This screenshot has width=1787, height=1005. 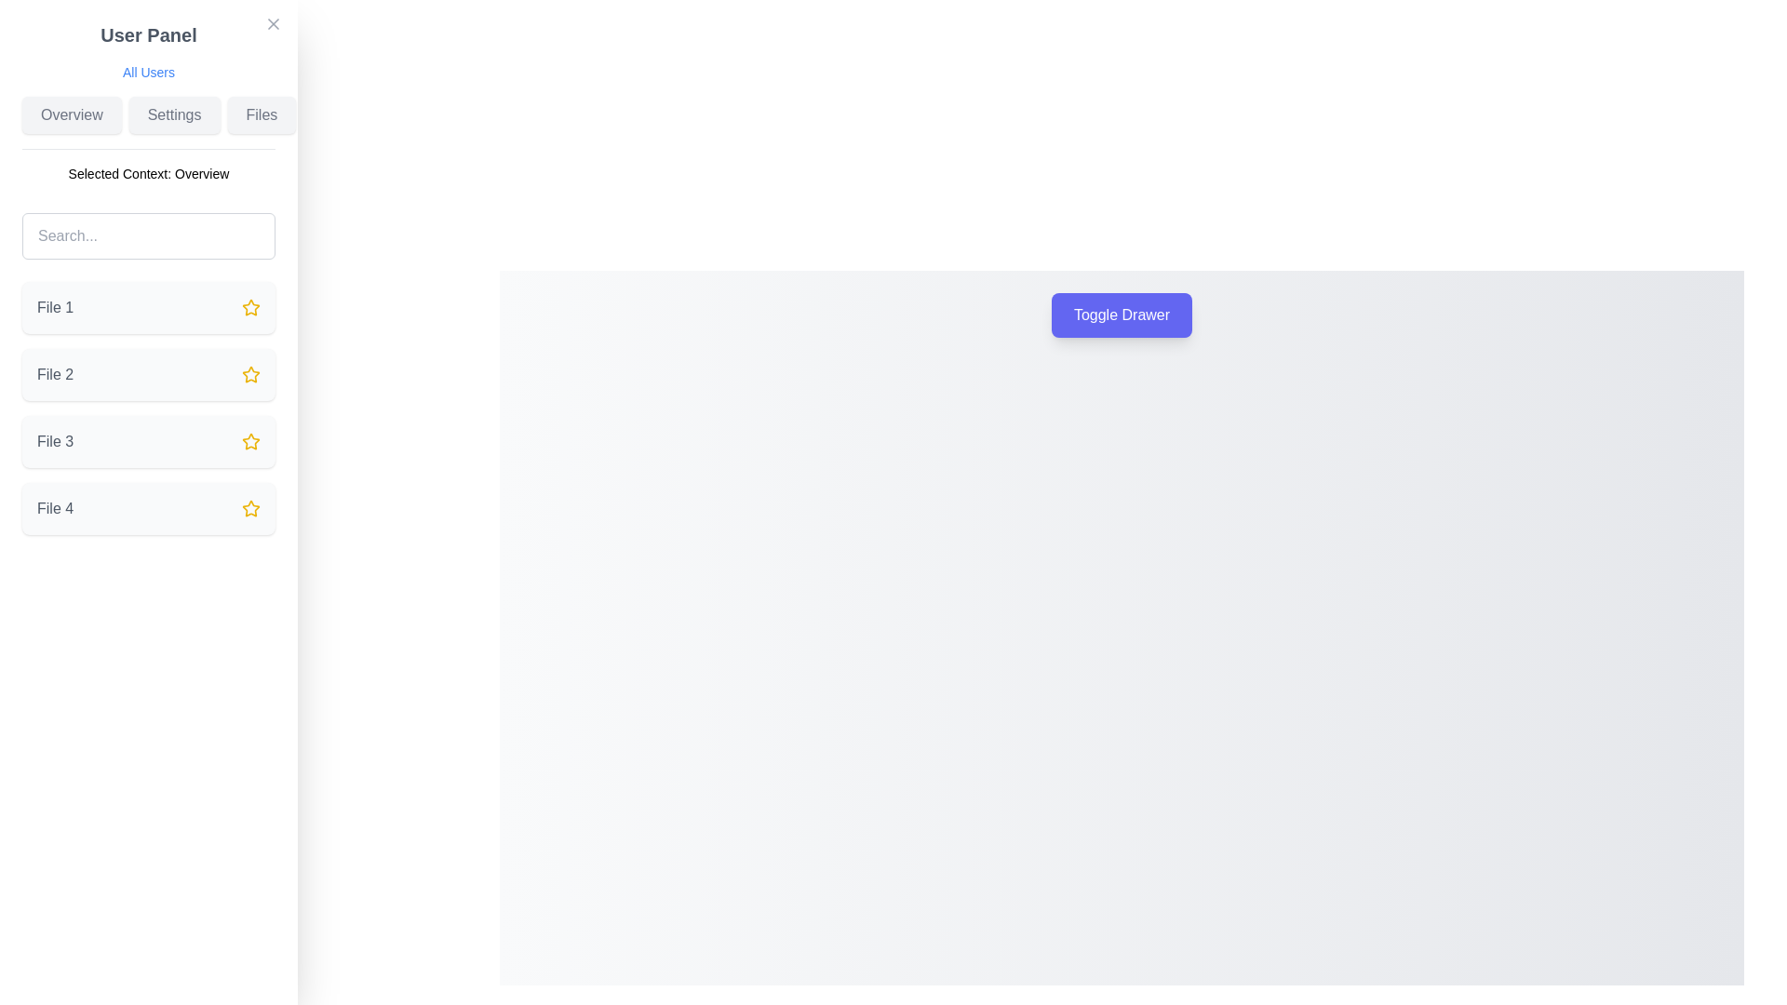 I want to click on the first button in the horizontal row of navigation controls located in the top left sidebar, so click(x=72, y=114).